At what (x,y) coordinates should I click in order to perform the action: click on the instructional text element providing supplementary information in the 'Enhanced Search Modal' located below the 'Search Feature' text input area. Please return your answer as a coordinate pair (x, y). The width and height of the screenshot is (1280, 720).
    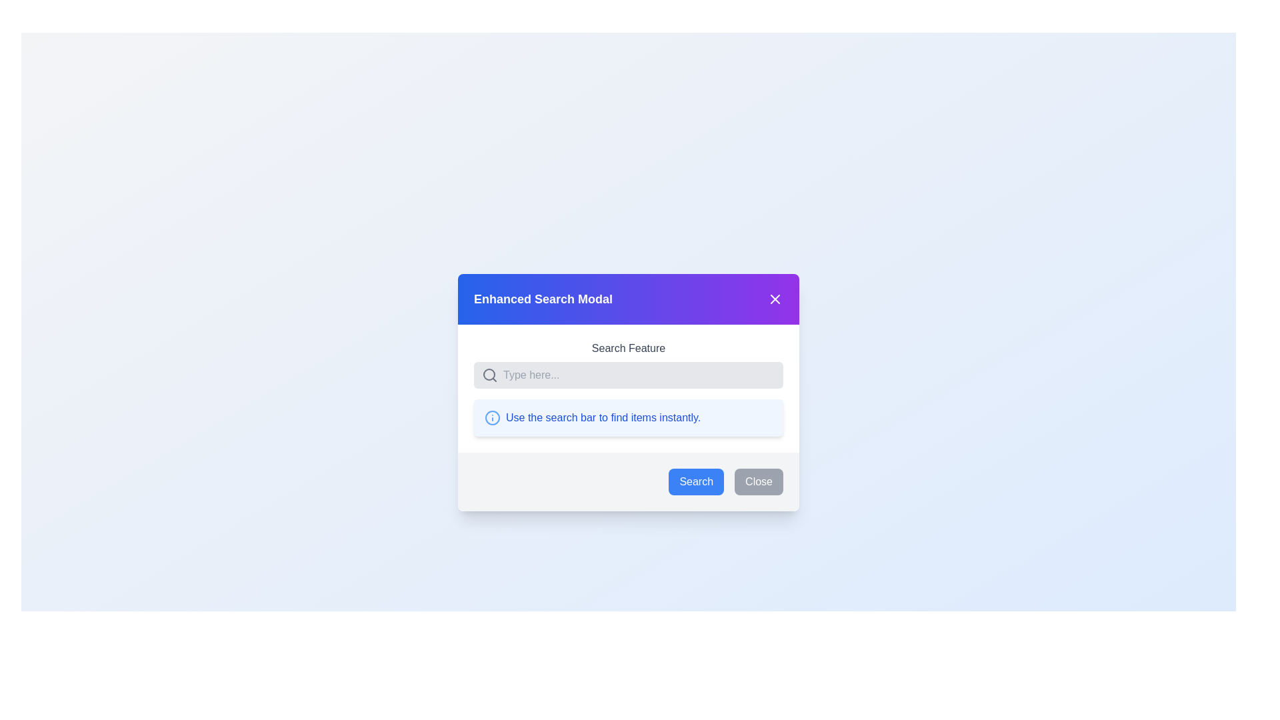
    Looking at the image, I should click on (627, 417).